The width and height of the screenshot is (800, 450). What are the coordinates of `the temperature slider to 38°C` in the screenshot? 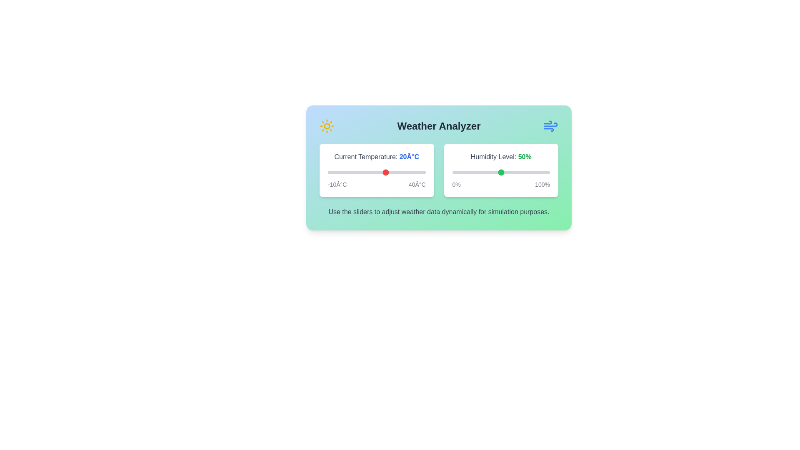 It's located at (422, 172).